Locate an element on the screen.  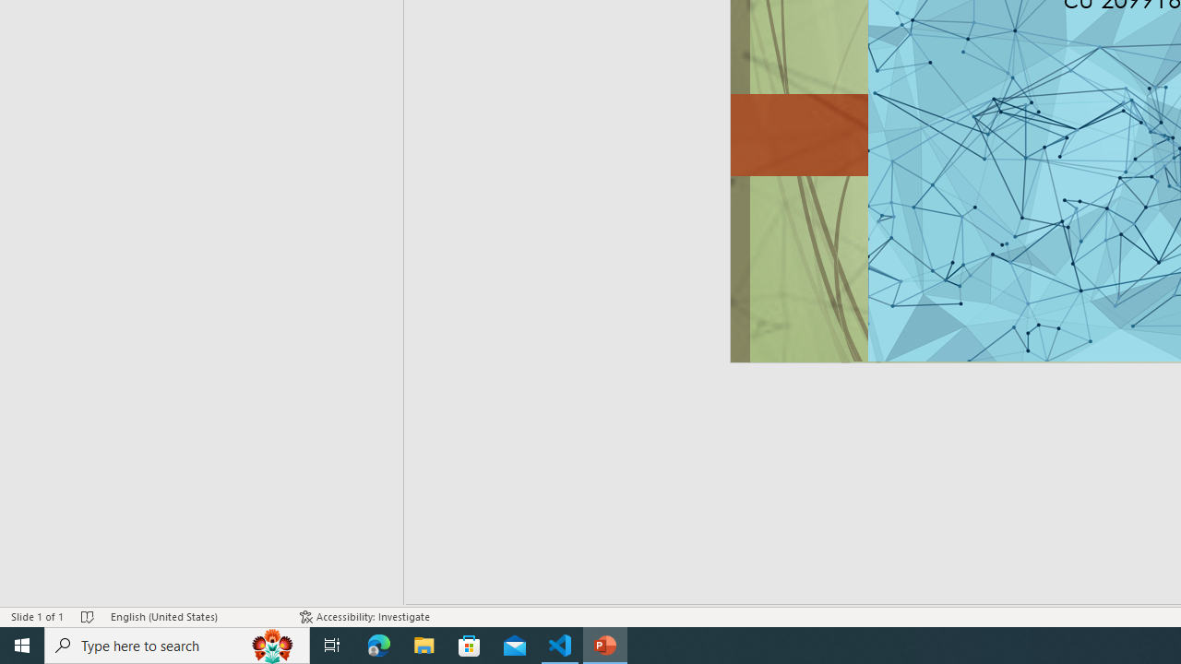
'Type here to search' is located at coordinates (177, 644).